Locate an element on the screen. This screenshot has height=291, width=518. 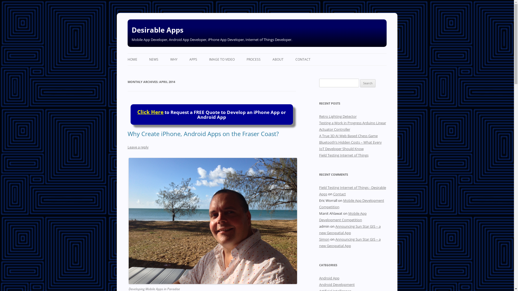
'Click Here' is located at coordinates (150, 112).